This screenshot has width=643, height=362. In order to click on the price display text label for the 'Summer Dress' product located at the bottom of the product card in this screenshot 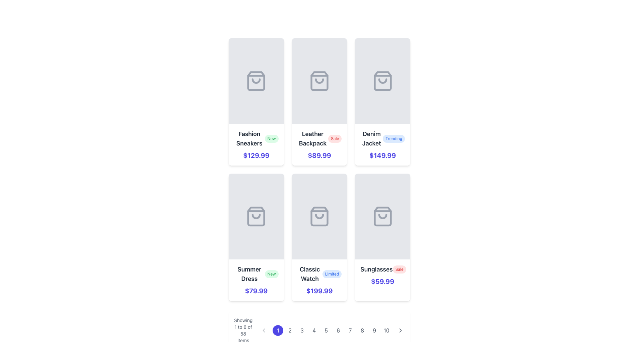, I will do `click(256, 290)`.